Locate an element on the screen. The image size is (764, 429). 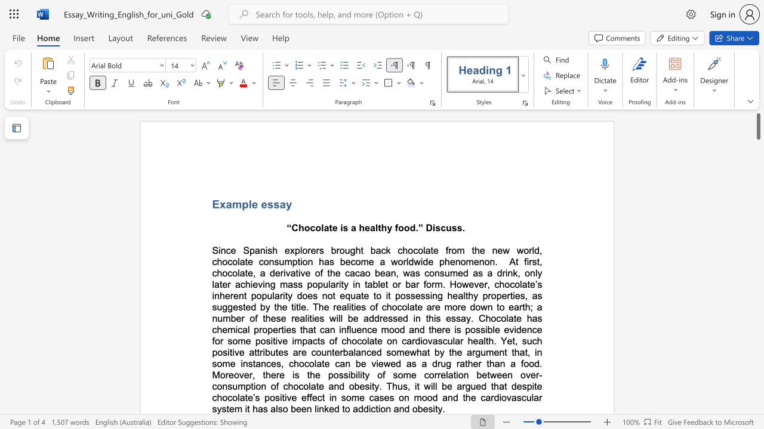
the scrollbar to scroll the page down is located at coordinates (757, 232).